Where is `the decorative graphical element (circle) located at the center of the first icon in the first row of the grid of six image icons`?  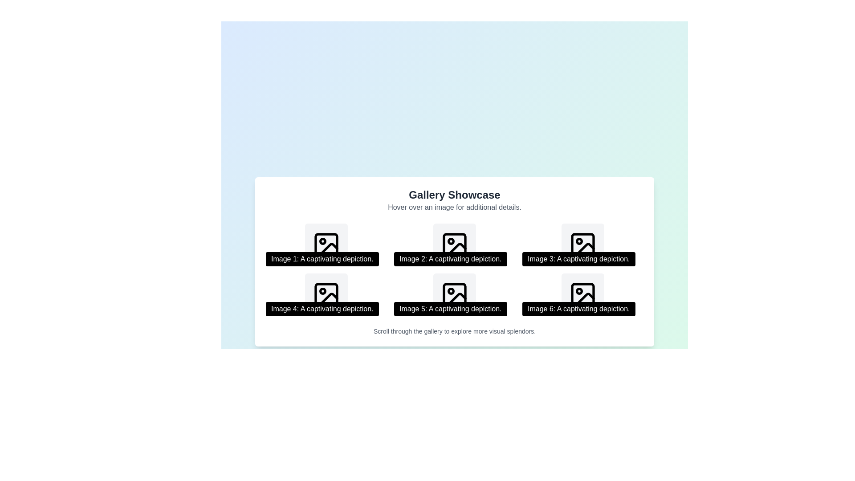
the decorative graphical element (circle) located at the center of the first icon in the first row of the grid of six image icons is located at coordinates (322, 241).